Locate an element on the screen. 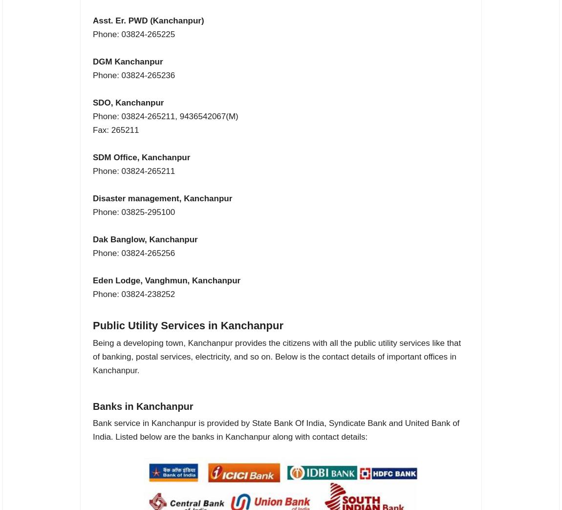 The height and width of the screenshot is (510, 562). 'Fax: 265211' is located at coordinates (115, 129).